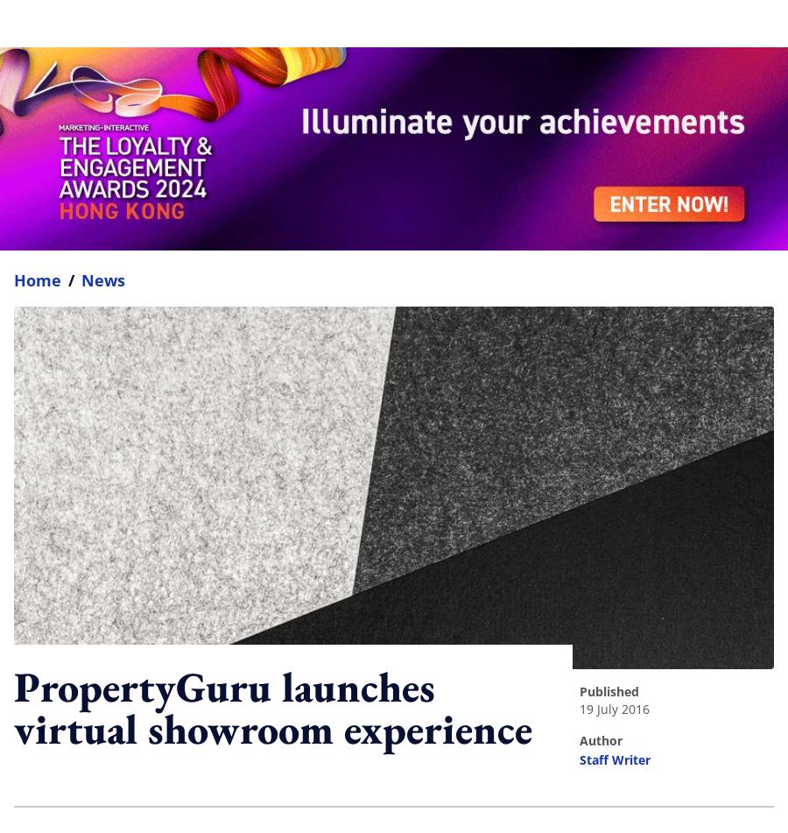 Image resolution: width=788 pixels, height=833 pixels. I want to click on 'Menu', so click(746, 23).